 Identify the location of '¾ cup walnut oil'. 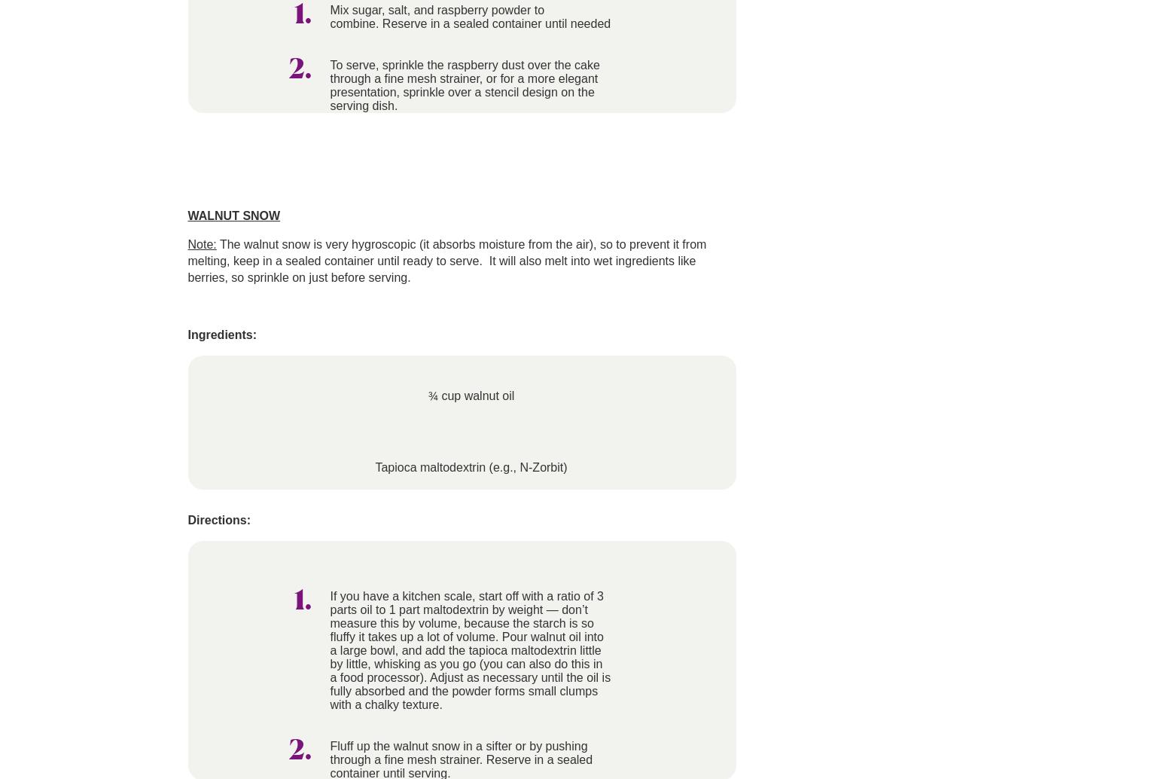
(470, 396).